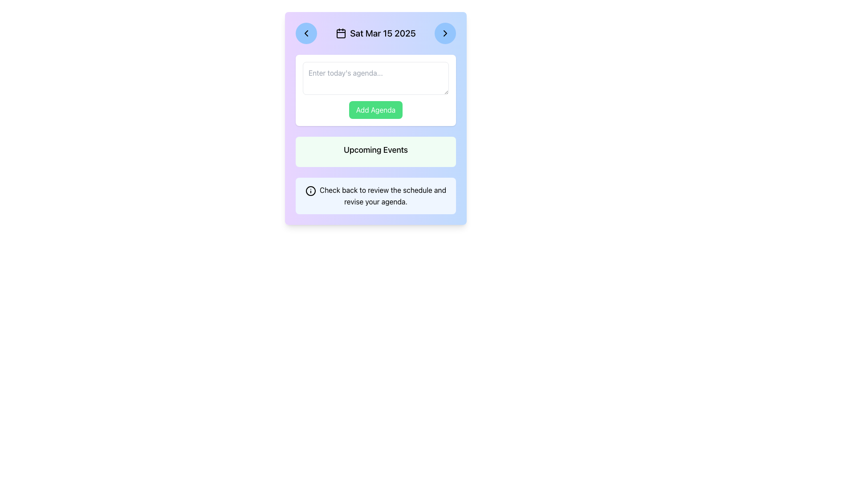 Image resolution: width=855 pixels, height=481 pixels. What do you see at coordinates (376, 149) in the screenshot?
I see `the section header label that indicates upcoming events, which is centrally located within a light green background, positioned between the 'Add Agenda' button and an informational paragraph` at bounding box center [376, 149].